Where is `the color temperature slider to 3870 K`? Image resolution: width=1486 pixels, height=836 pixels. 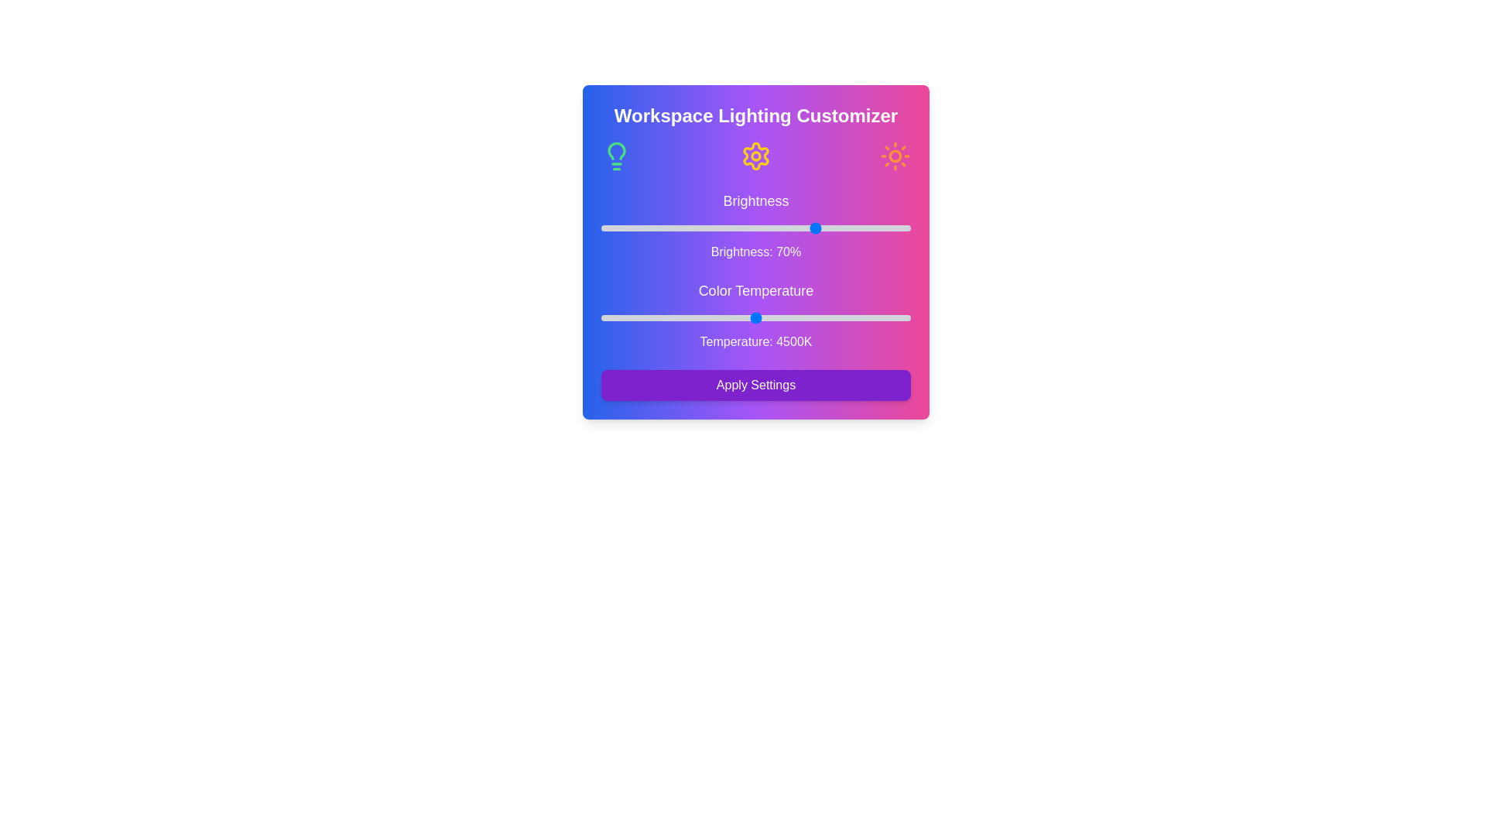
the color temperature slider to 3870 K is located at coordinates (706, 317).